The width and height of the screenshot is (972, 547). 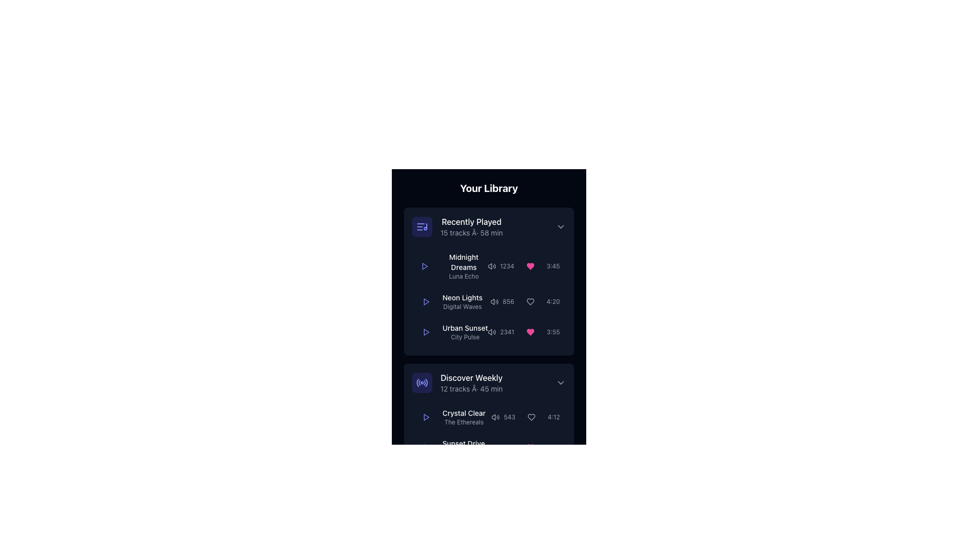 What do you see at coordinates (463, 413) in the screenshot?
I see `the main label for a media item in the 'Discover Weekly' section, which is positioned above 'The Ethereals'` at bounding box center [463, 413].